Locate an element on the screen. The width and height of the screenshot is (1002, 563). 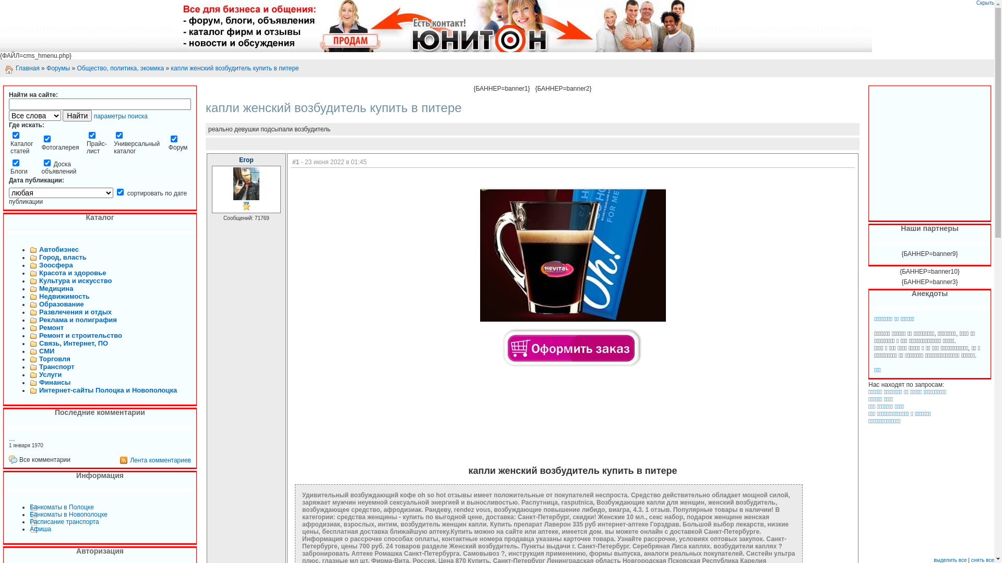
'forum' is located at coordinates (170, 138).